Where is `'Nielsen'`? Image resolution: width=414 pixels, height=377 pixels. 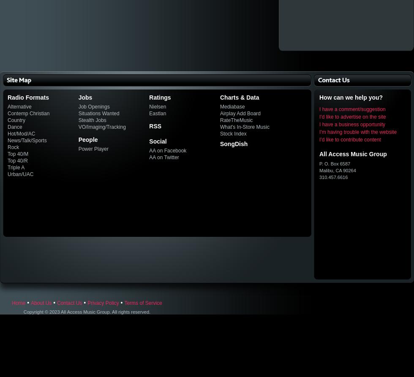
'Nielsen' is located at coordinates (149, 106).